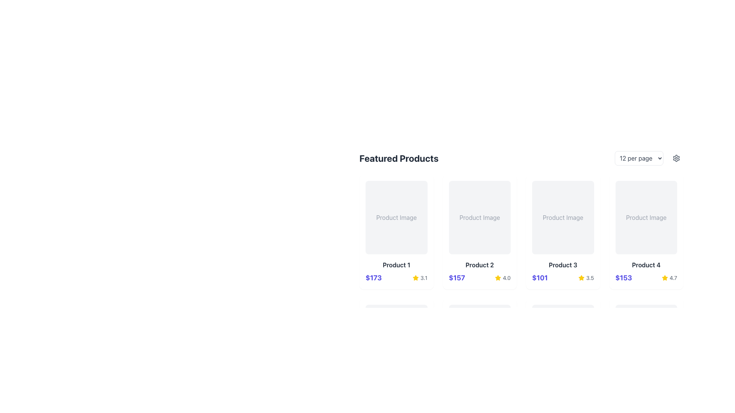  Describe the element at coordinates (673, 278) in the screenshot. I see `the text label displaying the rating score for Product 4, located under the product details section next to the price information` at that location.